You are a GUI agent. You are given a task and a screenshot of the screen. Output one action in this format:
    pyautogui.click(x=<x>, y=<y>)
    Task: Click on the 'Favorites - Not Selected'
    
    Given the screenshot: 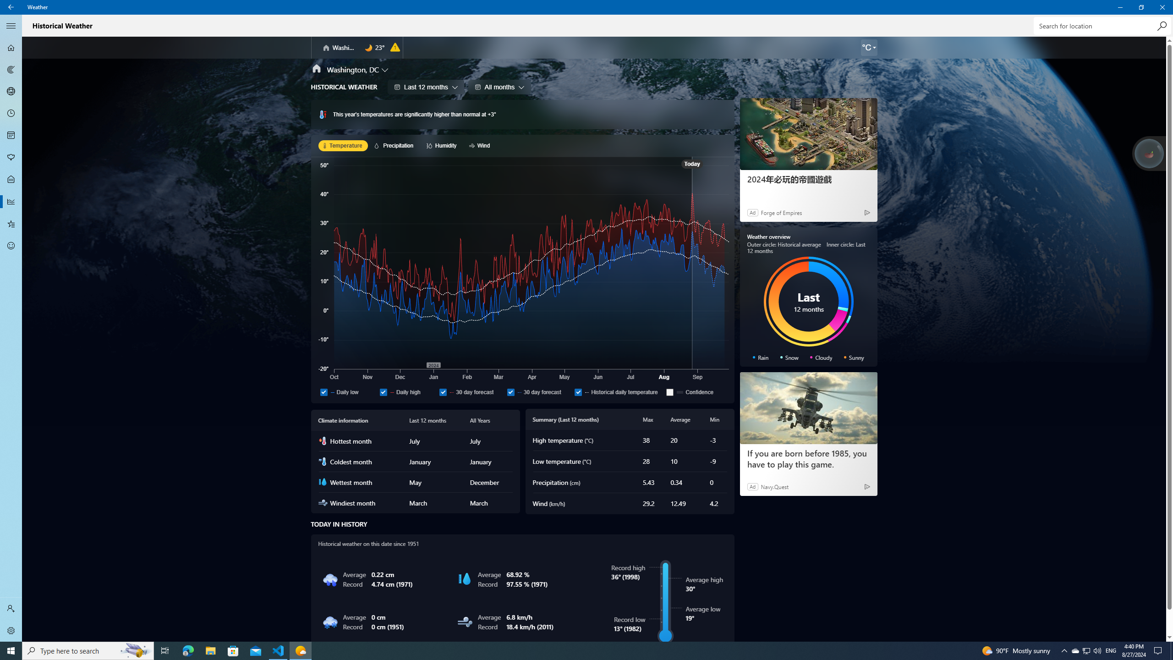 What is the action you would take?
    pyautogui.click(x=11, y=223)
    